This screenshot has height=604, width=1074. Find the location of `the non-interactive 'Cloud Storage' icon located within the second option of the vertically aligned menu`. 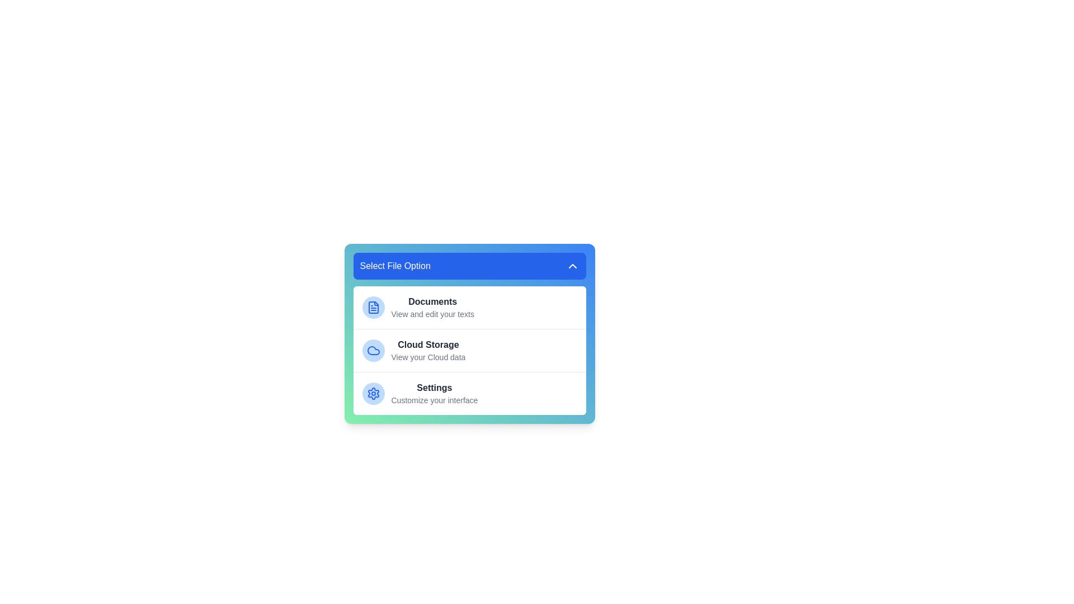

the non-interactive 'Cloud Storage' icon located within the second option of the vertically aligned menu is located at coordinates (373, 350).